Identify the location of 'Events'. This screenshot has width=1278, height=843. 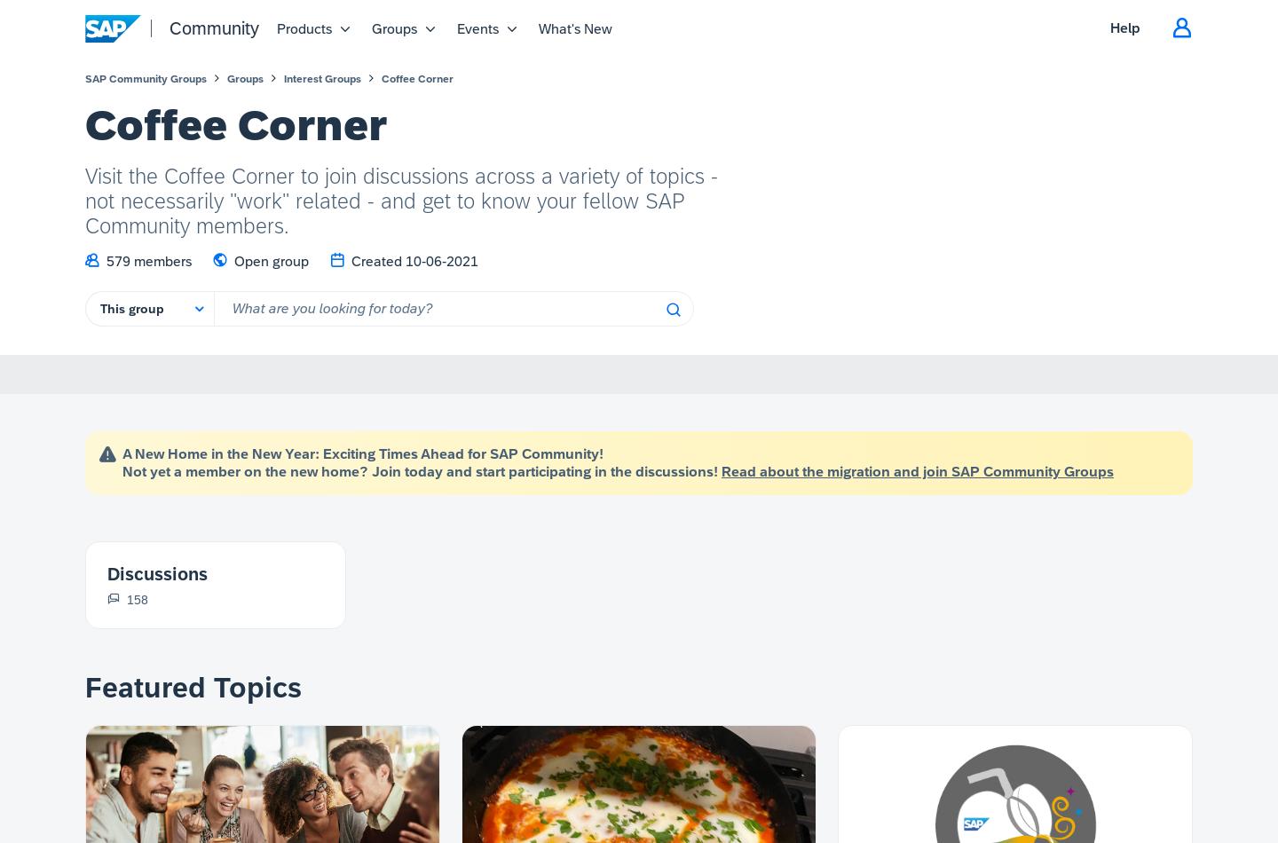
(477, 28).